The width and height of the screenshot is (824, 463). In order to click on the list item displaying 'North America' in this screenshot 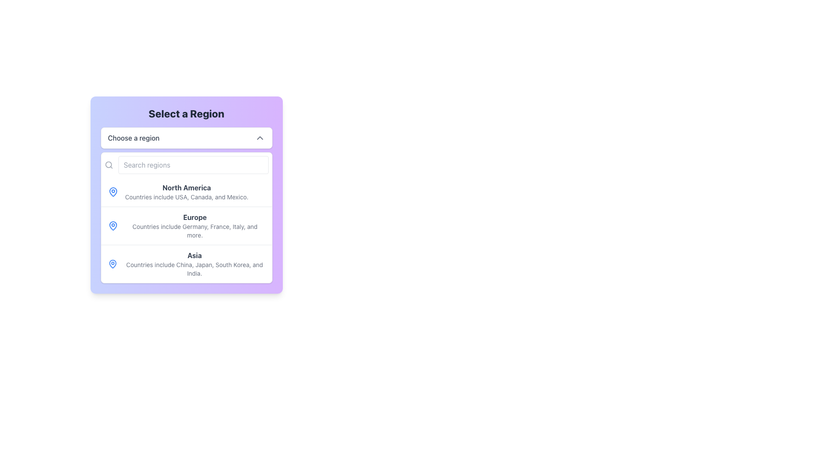, I will do `click(186, 191)`.